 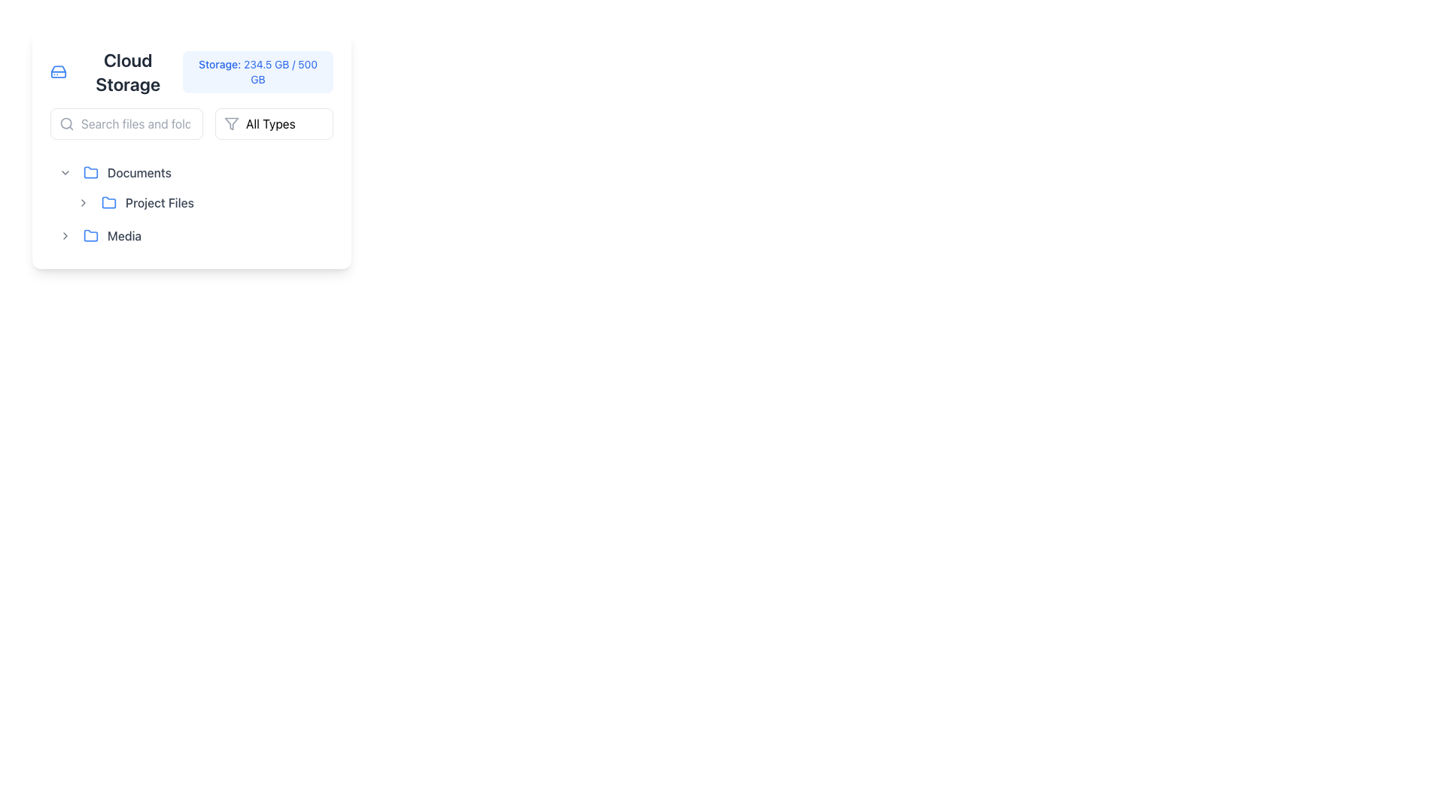 I want to click on the folder icon located under the 'Cloud Storage' heading, positioned to the left of the text 'Media', so click(x=90, y=235).